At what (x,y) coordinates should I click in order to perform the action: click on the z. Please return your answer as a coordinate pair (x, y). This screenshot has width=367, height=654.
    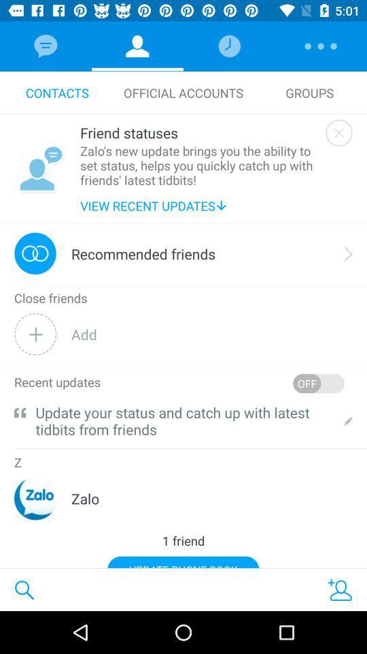
    Looking at the image, I should click on (17, 463).